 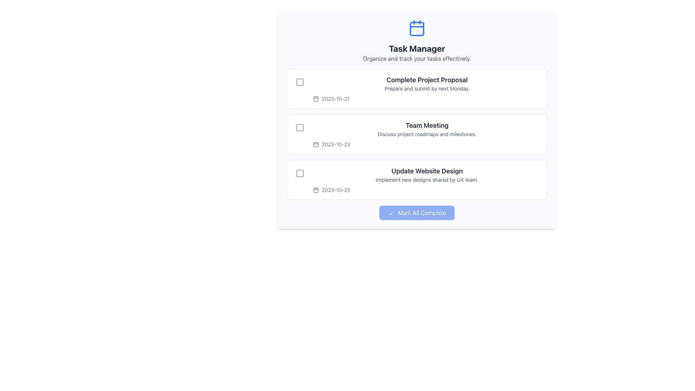 I want to click on the checkbox located to the left of the task item labeled 'Update Website Design' to indicate its completion state, so click(x=300, y=173).